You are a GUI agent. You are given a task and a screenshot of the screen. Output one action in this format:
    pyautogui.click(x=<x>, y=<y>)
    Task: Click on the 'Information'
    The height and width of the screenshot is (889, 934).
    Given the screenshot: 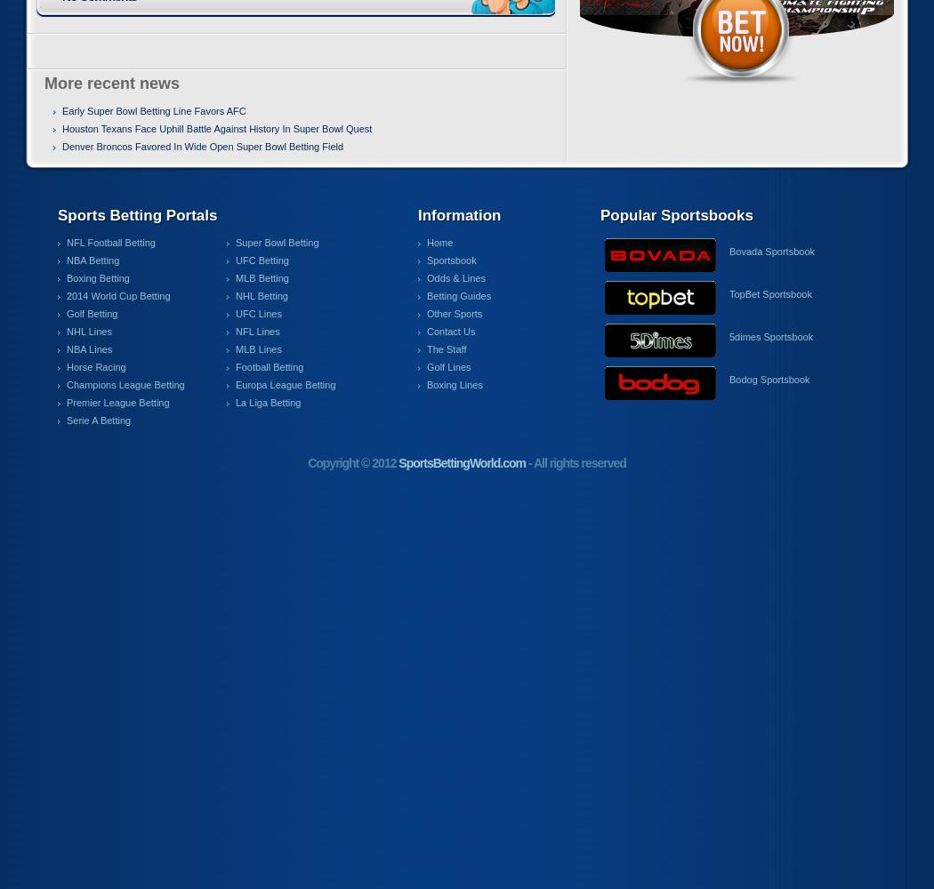 What is the action you would take?
    pyautogui.click(x=458, y=214)
    